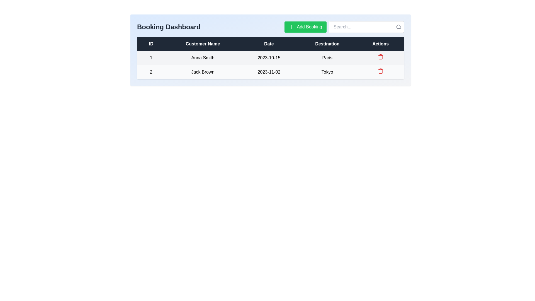 The width and height of the screenshot is (535, 301). What do you see at coordinates (327, 58) in the screenshot?
I see `the 'Paris' text label in the 'Destination' column, which is located in the fourth cell of the first visible row under 'Anna Smith' from '2023-10-15'` at bounding box center [327, 58].